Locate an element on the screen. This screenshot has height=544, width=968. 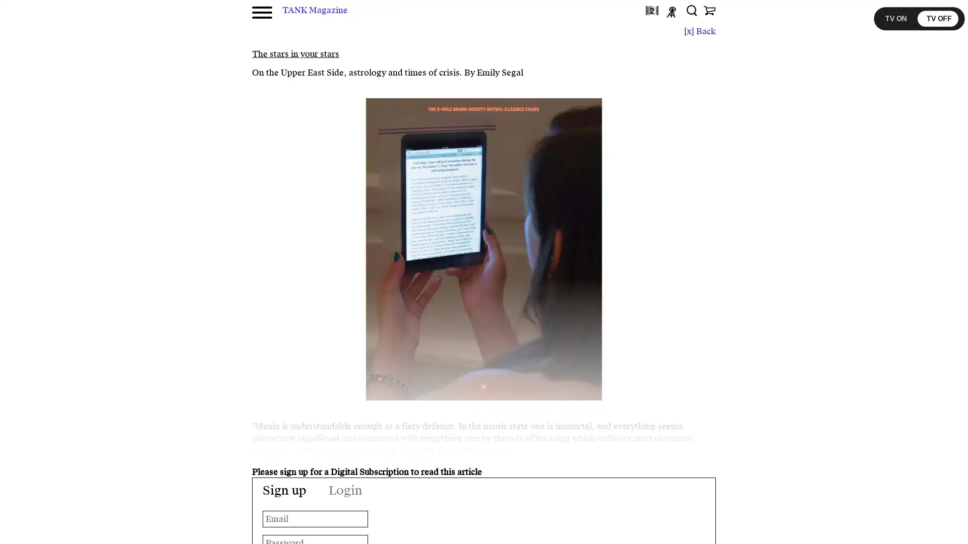
Search is located at coordinates (691, 10).